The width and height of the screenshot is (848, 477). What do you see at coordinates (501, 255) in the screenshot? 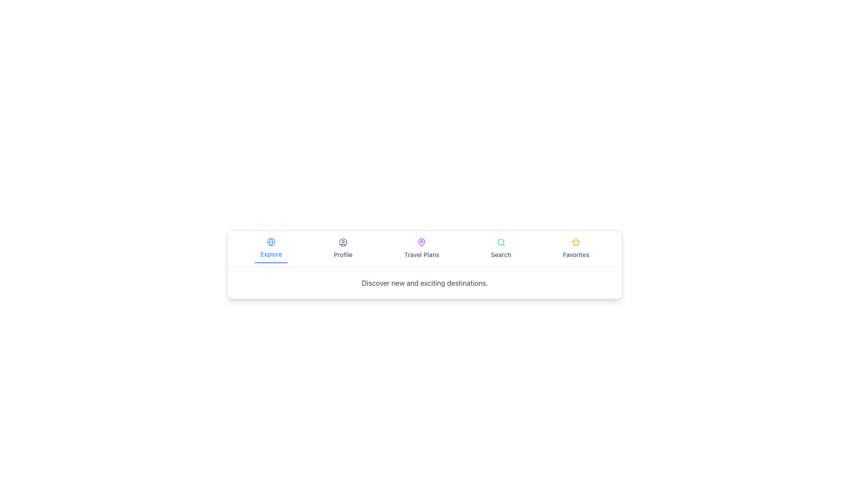
I see `the 'Search' static label text, which is displayed in gray and positioned below a magnifying glass icon in the bottom navigation bar` at bounding box center [501, 255].